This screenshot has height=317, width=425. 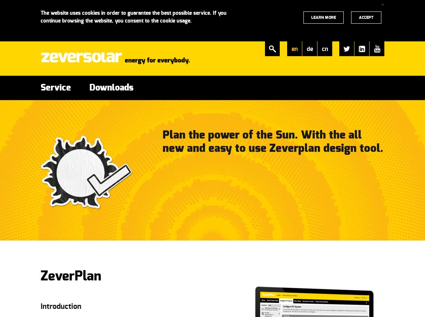 What do you see at coordinates (40, 88) in the screenshot?
I see `'Service'` at bounding box center [40, 88].